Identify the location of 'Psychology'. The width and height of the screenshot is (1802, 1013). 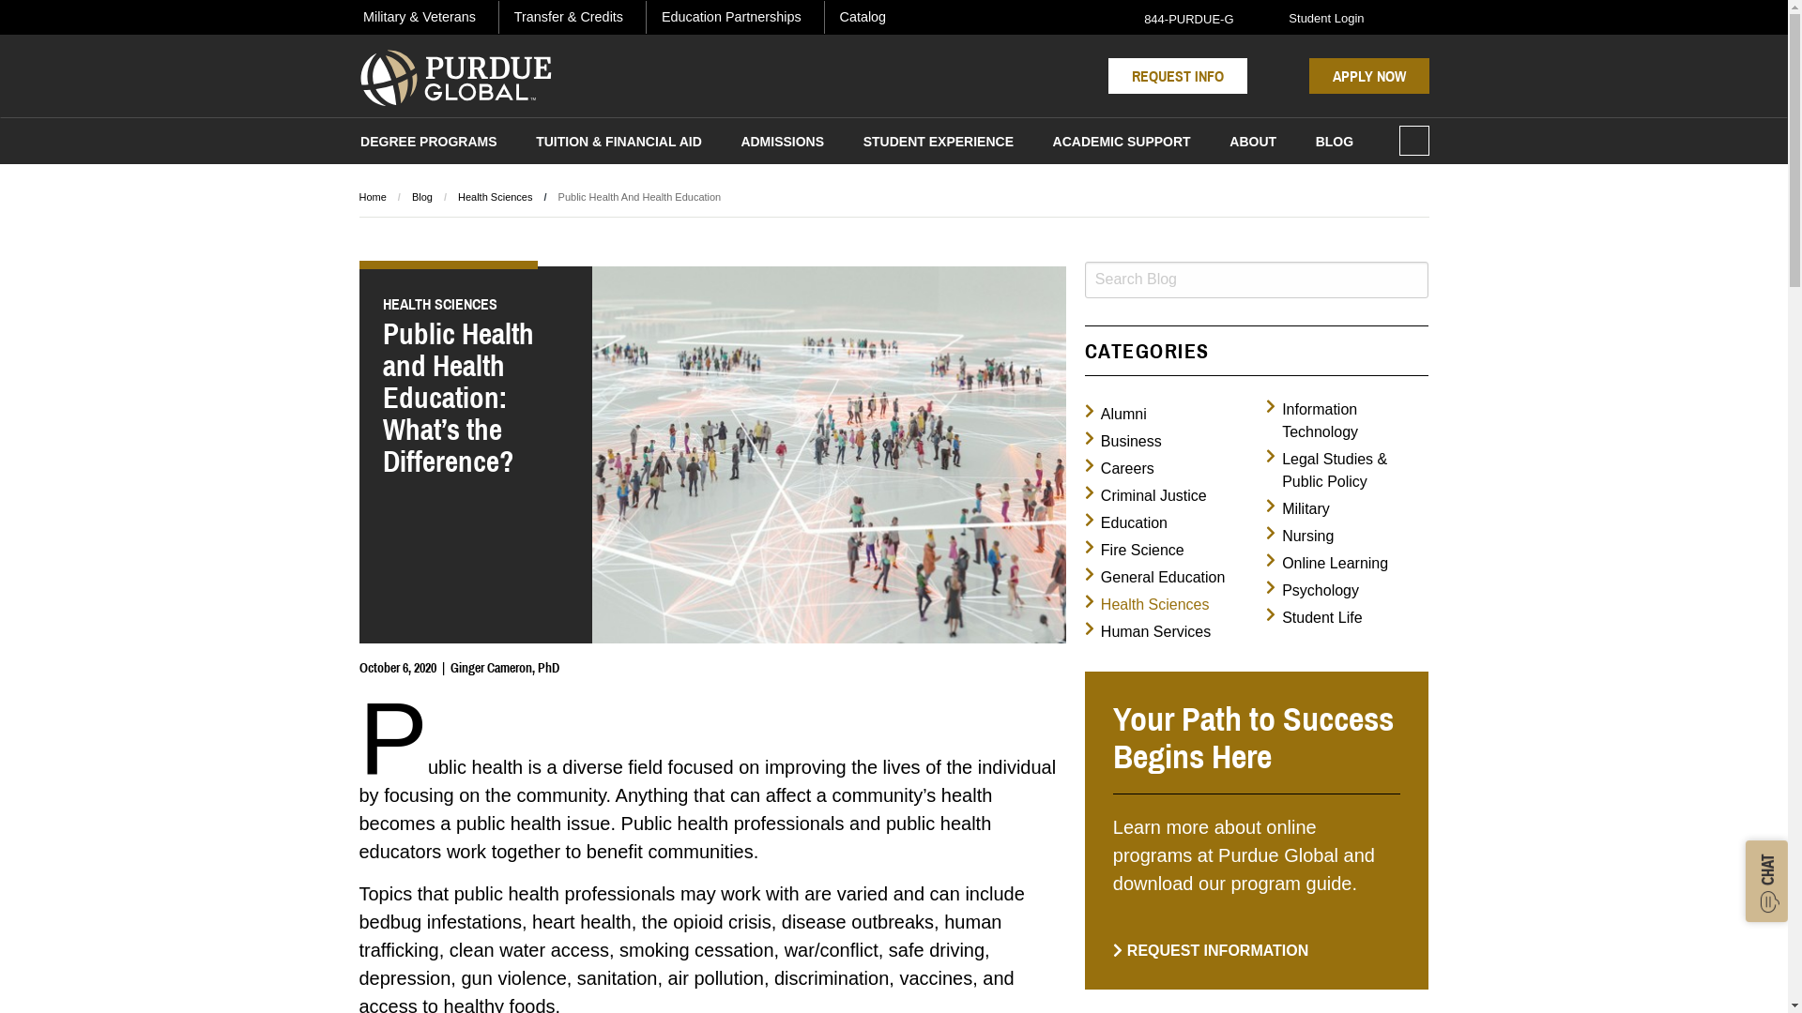
(1311, 589).